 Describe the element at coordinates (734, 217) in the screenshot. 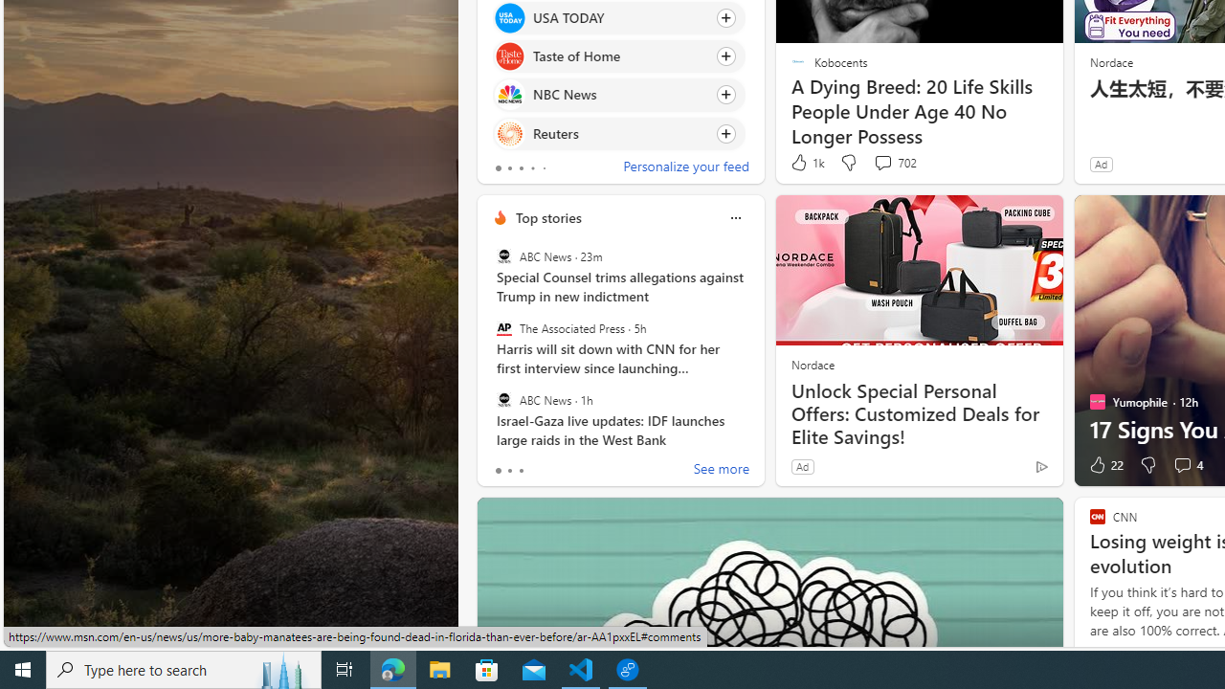

I see `'Class: icon-img'` at that location.